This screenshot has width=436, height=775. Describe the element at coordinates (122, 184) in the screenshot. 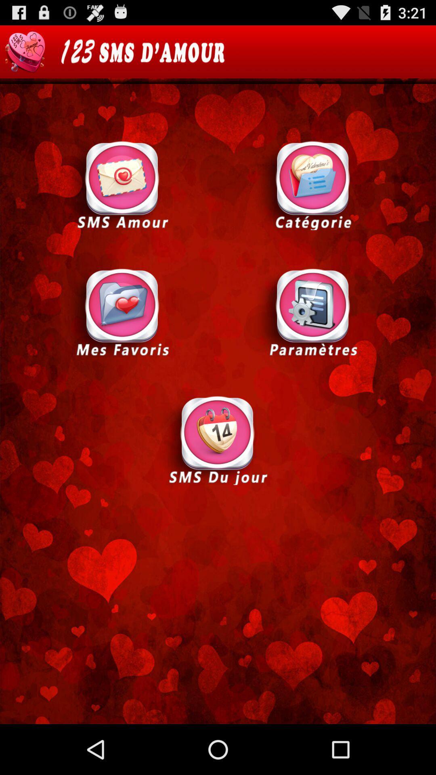

I see `the sms icon` at that location.